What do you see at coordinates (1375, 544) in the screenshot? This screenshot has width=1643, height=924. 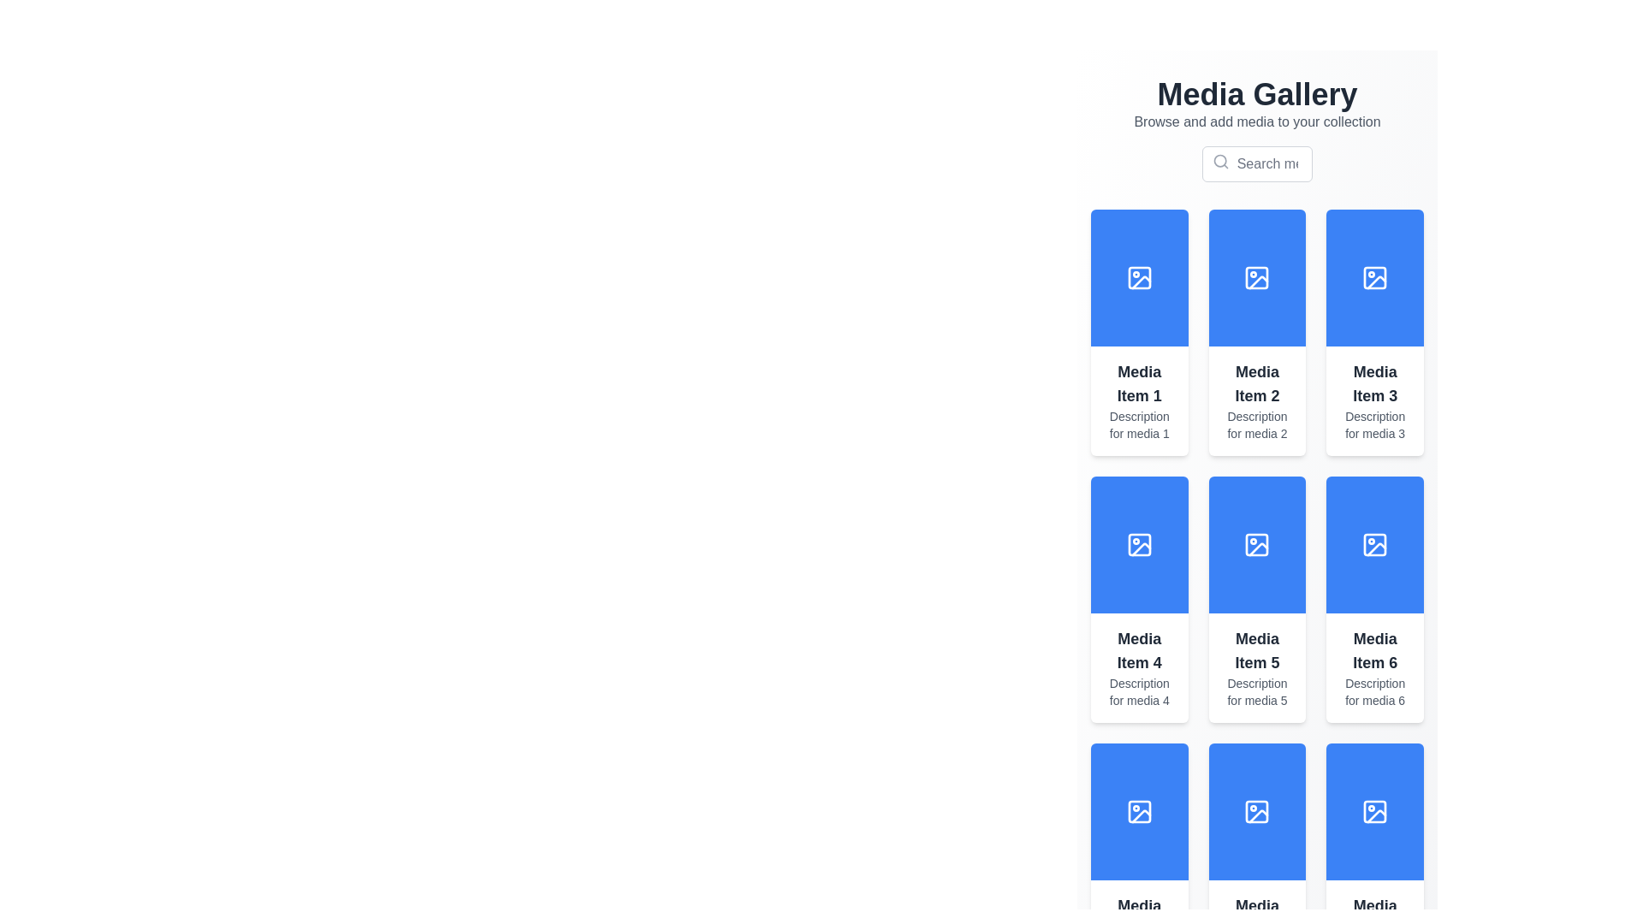 I see `the static placeholder graphic that serves as a preview area for a media item, located in the third column of the second row, above 'Media Item 6' and 'Description for media 6'` at bounding box center [1375, 544].